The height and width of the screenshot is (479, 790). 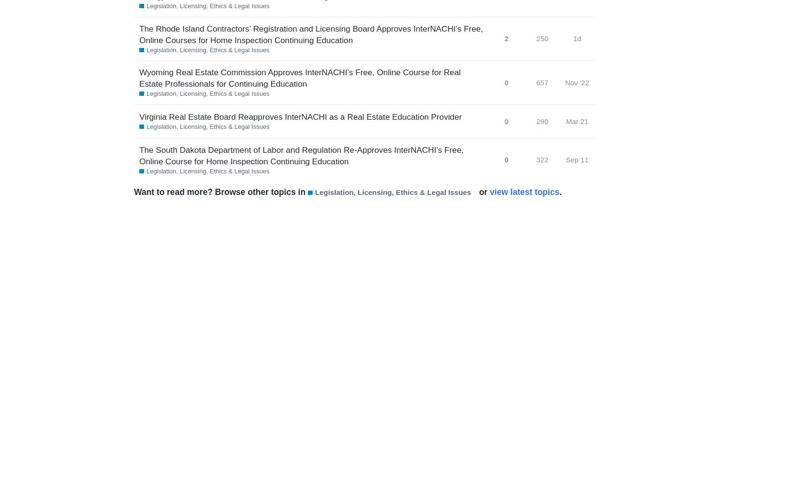 I want to click on 'Nov '22', so click(x=576, y=82).